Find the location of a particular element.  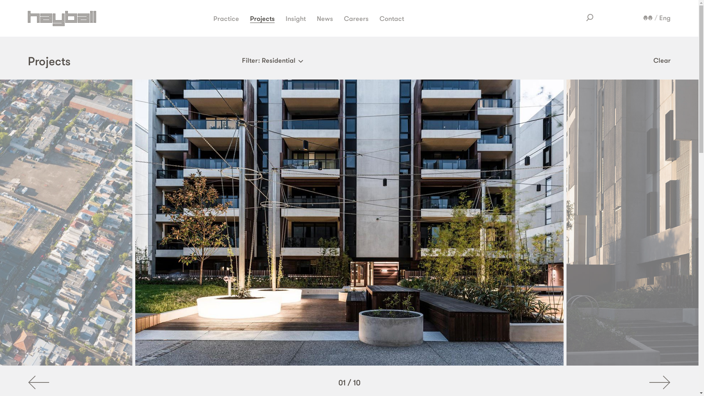

'Projects' is located at coordinates (262, 18).